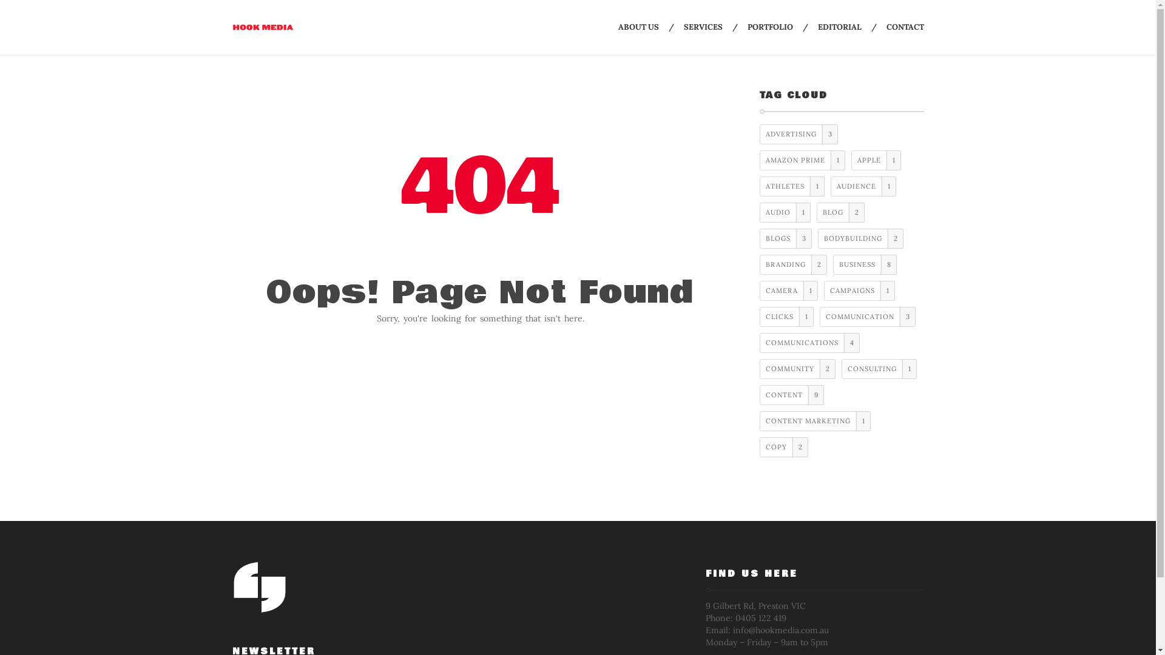  Describe the element at coordinates (809, 343) in the screenshot. I see `'COMMUNICATIONS4'` at that location.